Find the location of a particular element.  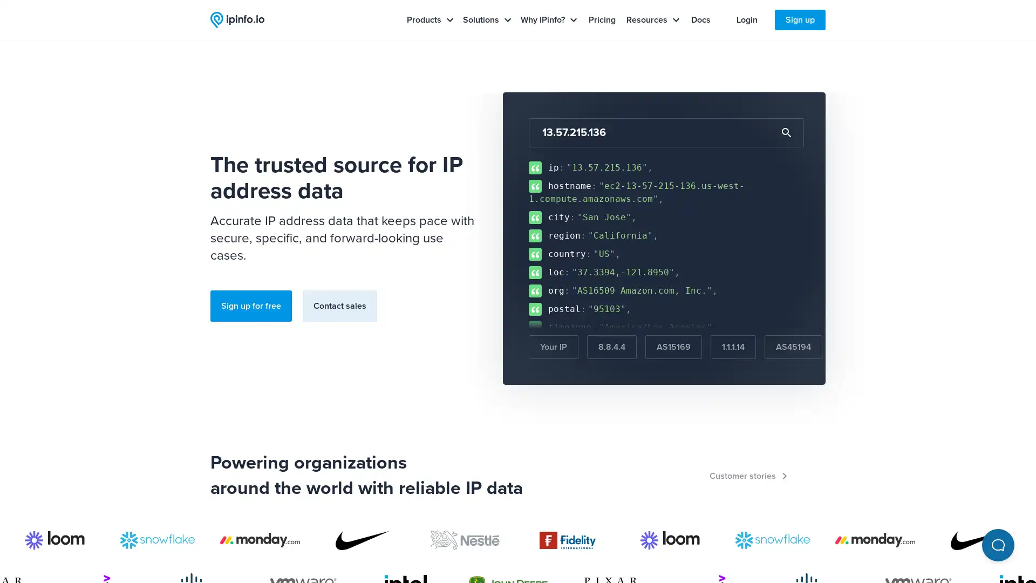

68.87.41.40 is located at coordinates (864, 347).